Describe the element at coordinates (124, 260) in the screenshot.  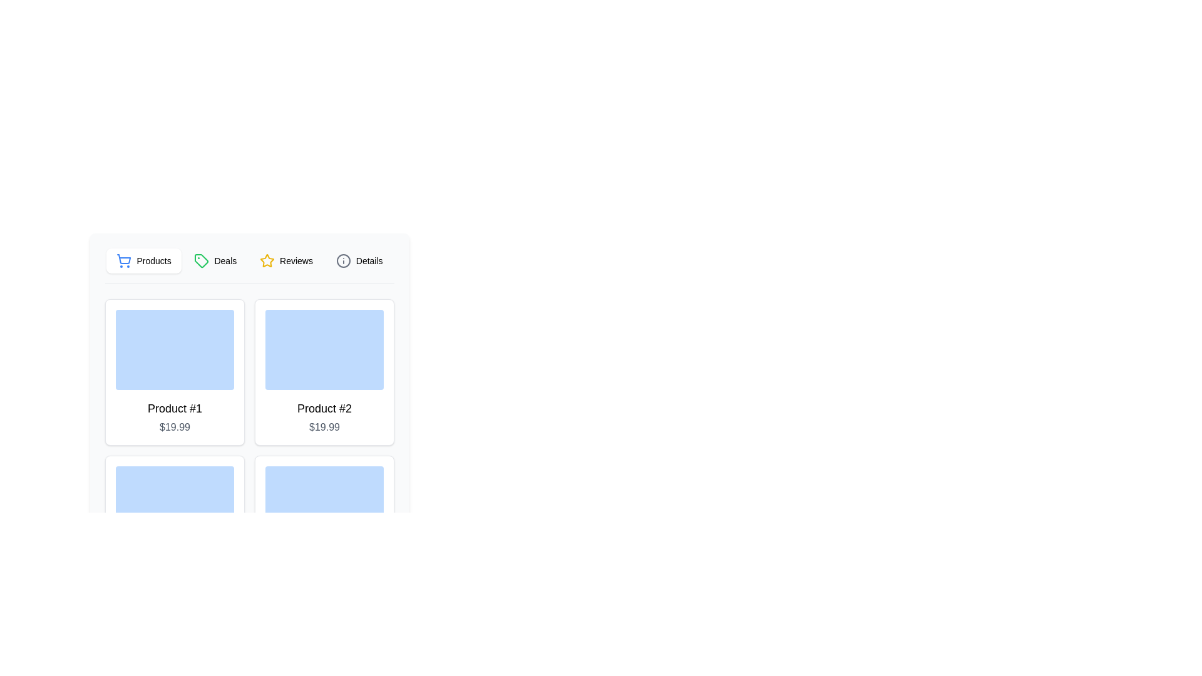
I see `the shopping icon located on the left side of the navigation bar, directly adjacent to the 'Products' label, for identification purposes` at that location.